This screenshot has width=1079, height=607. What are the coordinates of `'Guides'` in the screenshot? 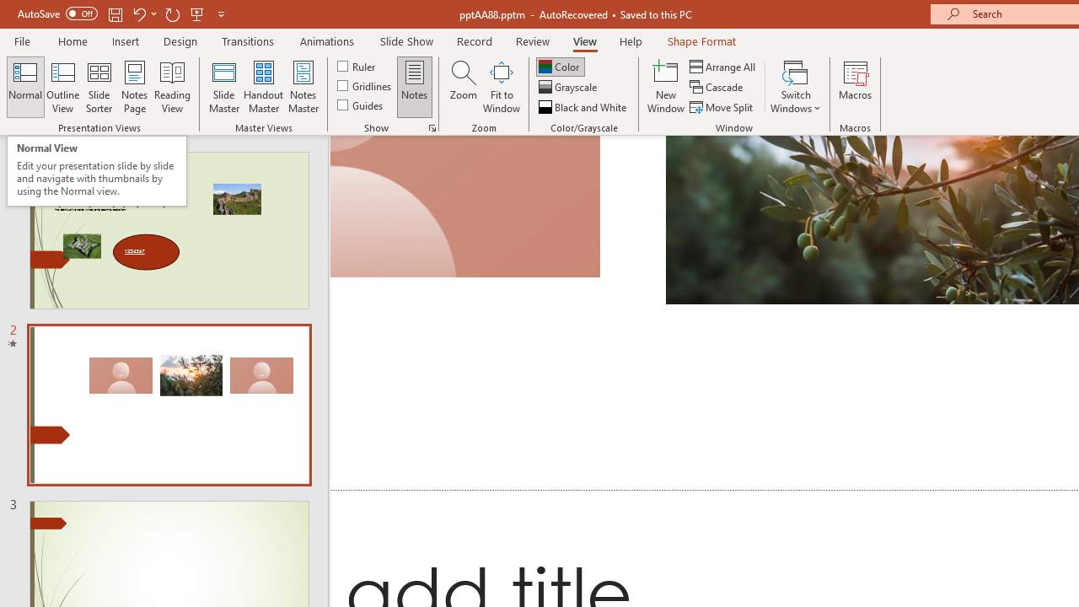 It's located at (360, 105).